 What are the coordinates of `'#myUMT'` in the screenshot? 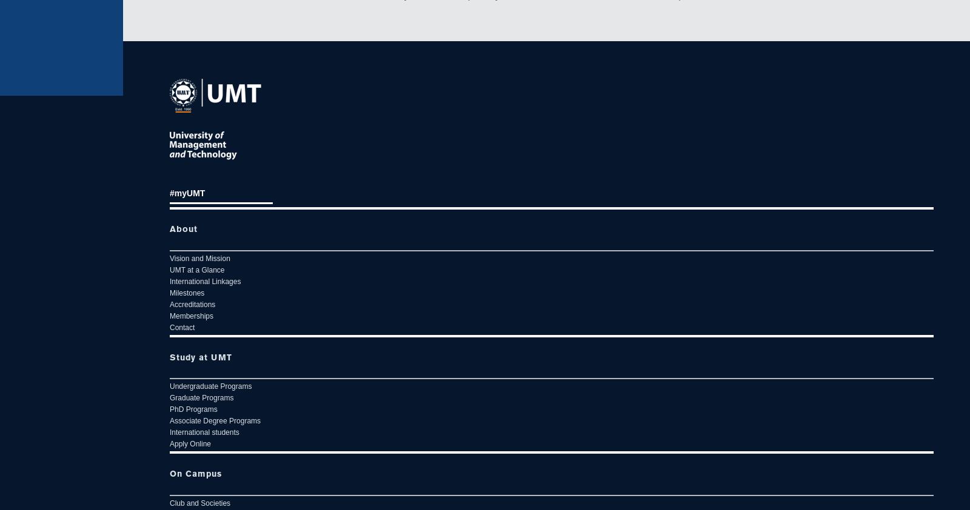 It's located at (187, 193).